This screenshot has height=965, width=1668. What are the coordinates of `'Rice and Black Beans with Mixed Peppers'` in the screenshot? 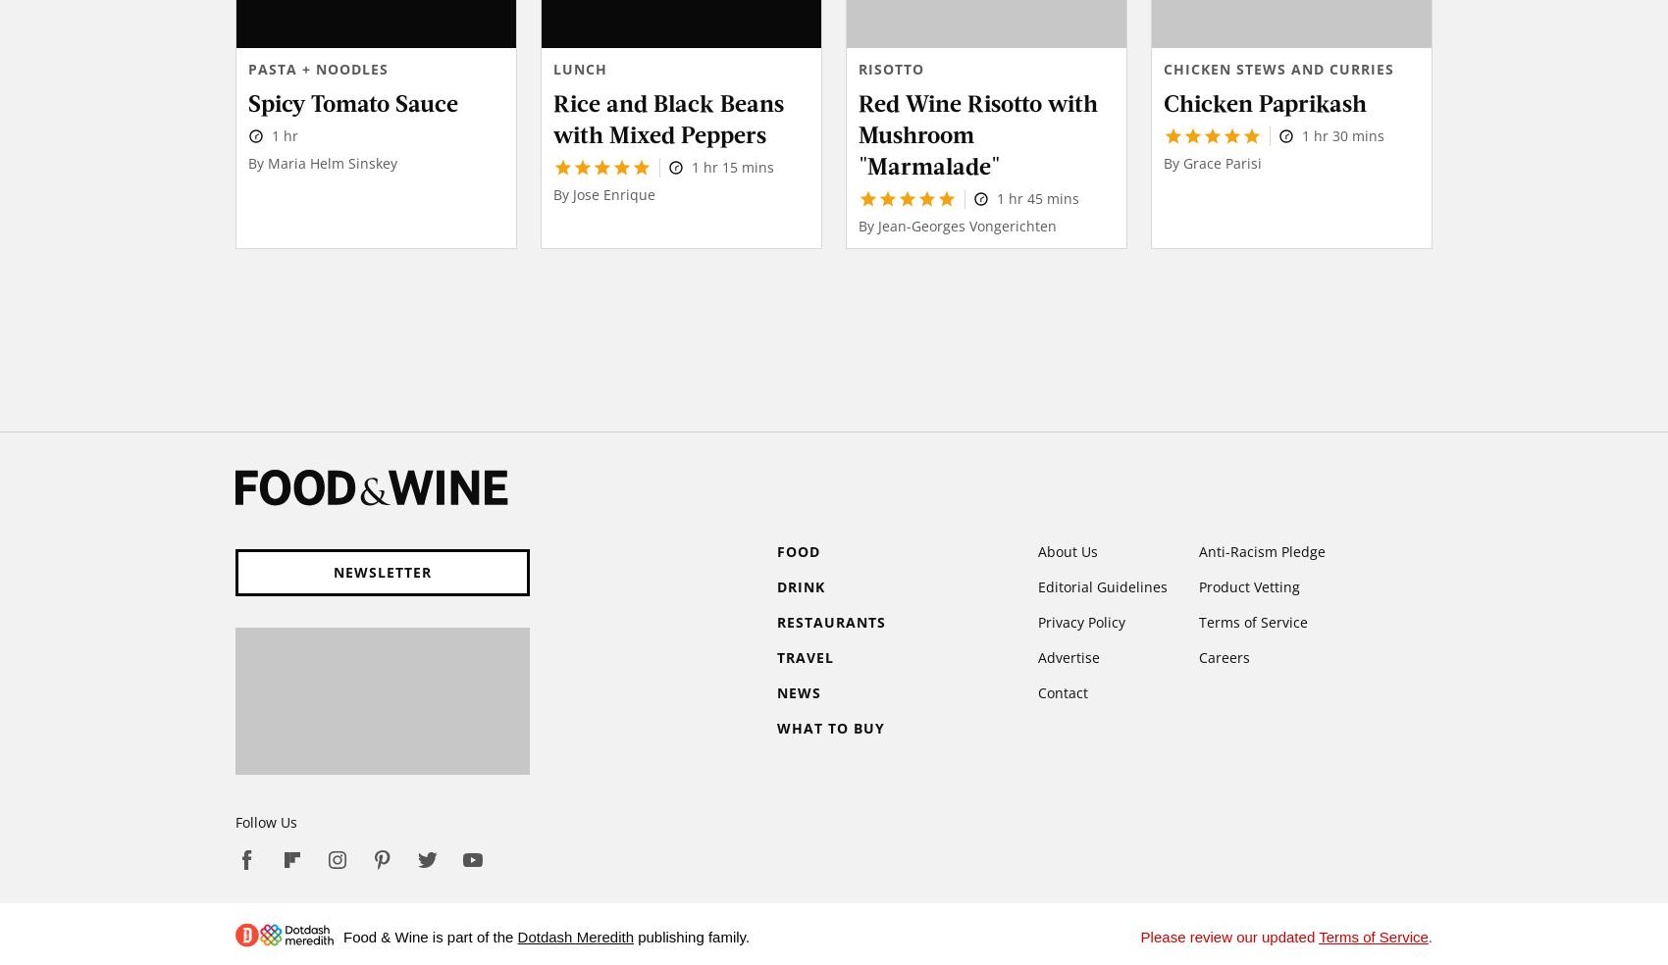 It's located at (668, 116).